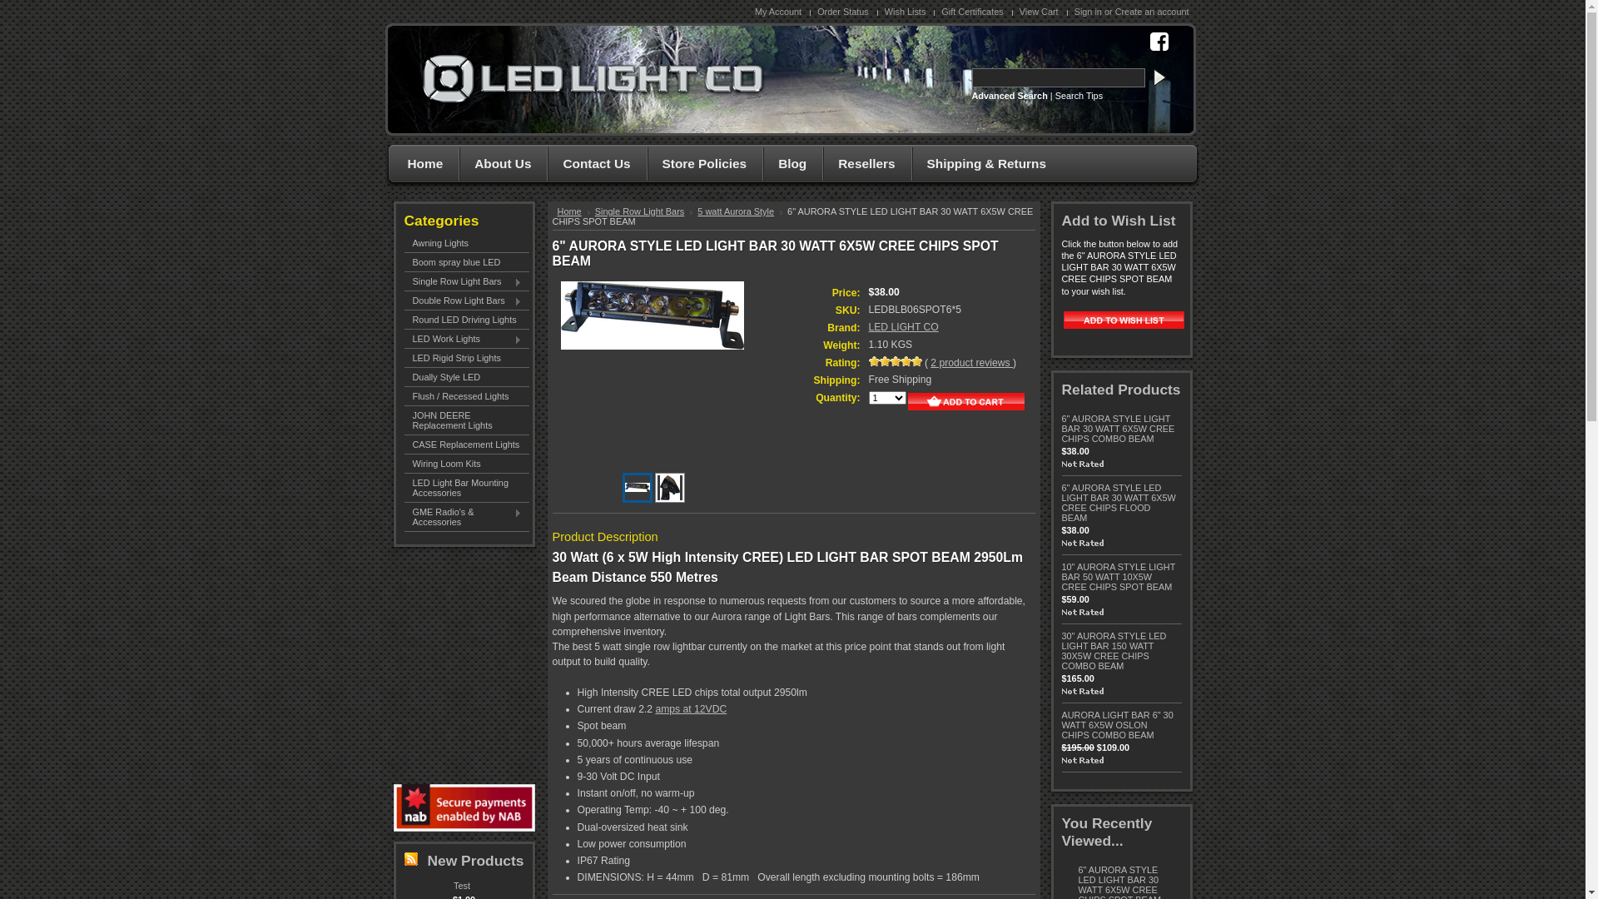 The height and width of the screenshot is (899, 1598). What do you see at coordinates (466, 262) in the screenshot?
I see `'Boom spray blue LED'` at bounding box center [466, 262].